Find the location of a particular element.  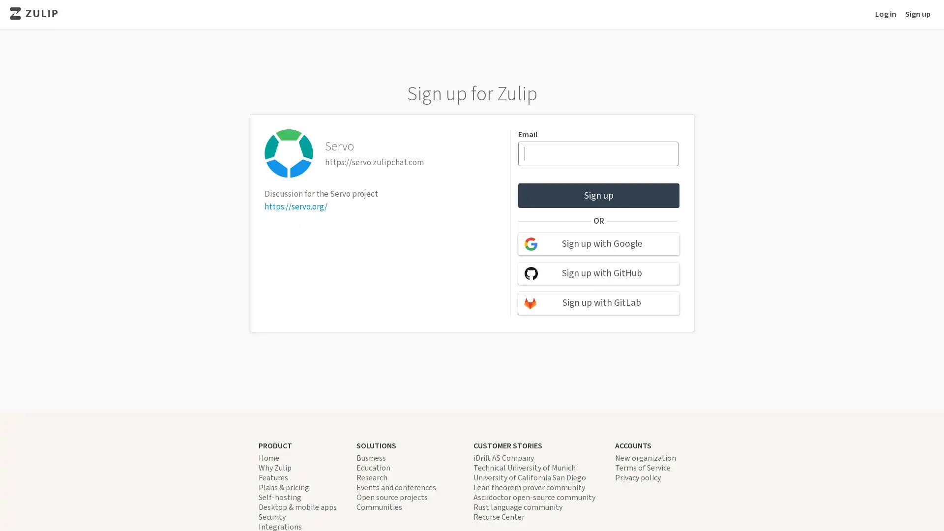

Sign up with GitLab is located at coordinates (598, 302).